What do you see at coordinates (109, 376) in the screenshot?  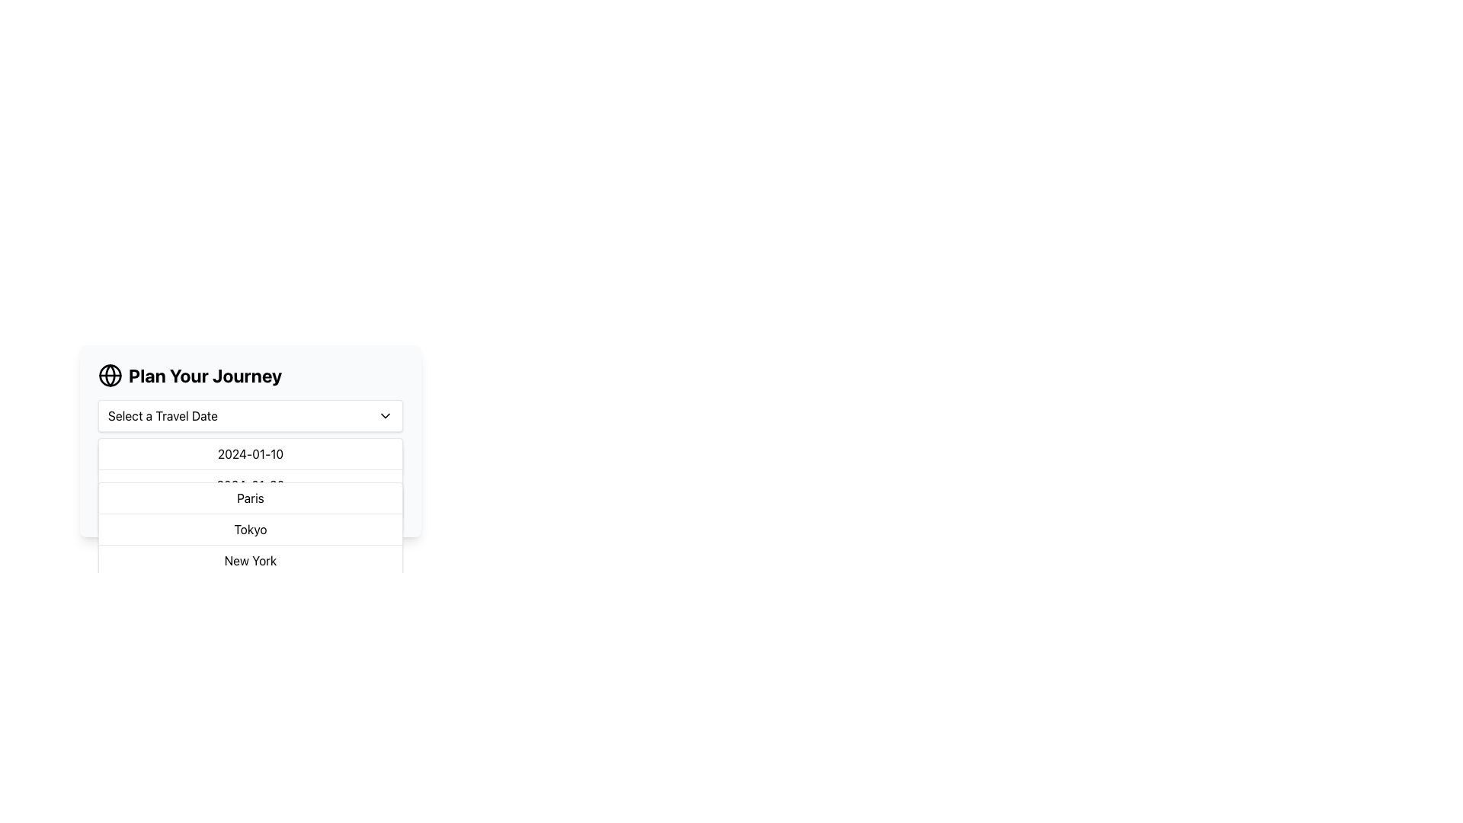 I see `the circular icon component at the center of the globe icon located at the top-left corner of the interface` at bounding box center [109, 376].